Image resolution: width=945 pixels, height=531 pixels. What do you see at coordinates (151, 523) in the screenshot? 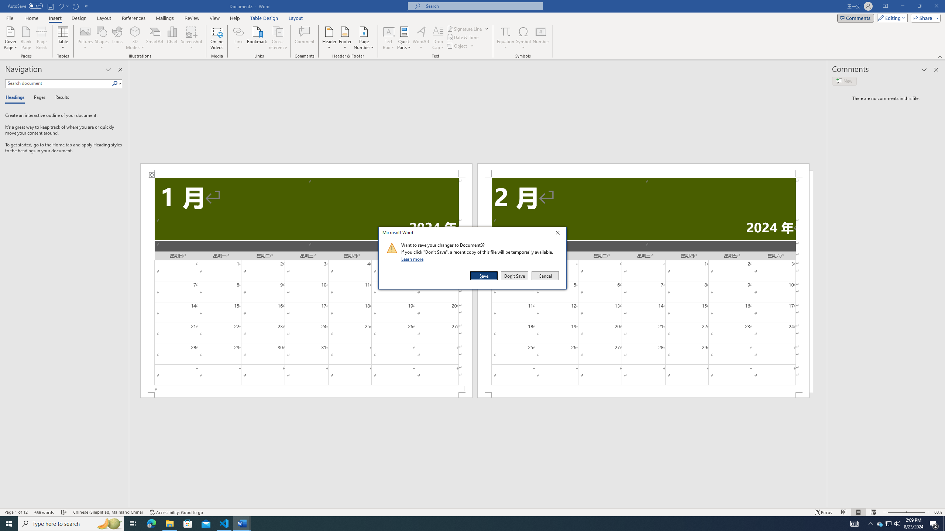
I see `'Microsoft Edge'` at bounding box center [151, 523].